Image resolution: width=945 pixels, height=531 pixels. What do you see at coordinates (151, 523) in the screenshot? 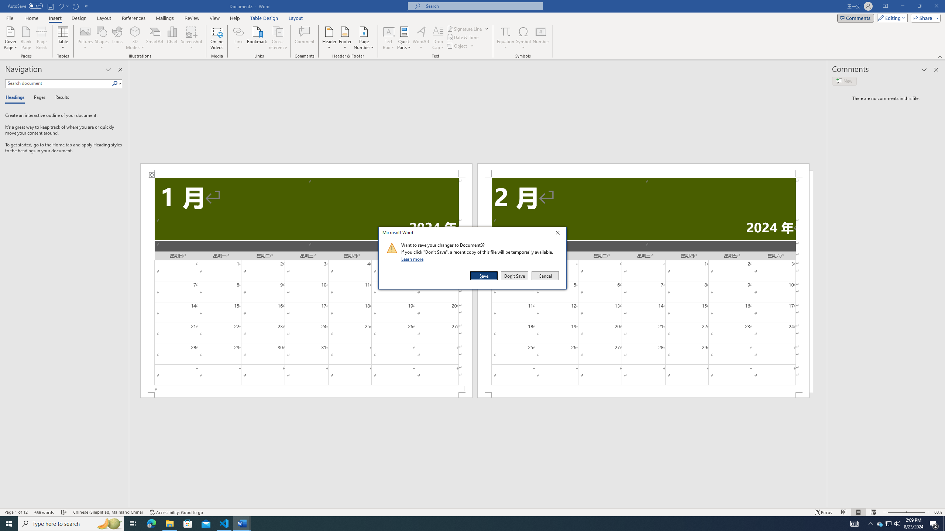
I see `'Microsoft Edge'` at bounding box center [151, 523].